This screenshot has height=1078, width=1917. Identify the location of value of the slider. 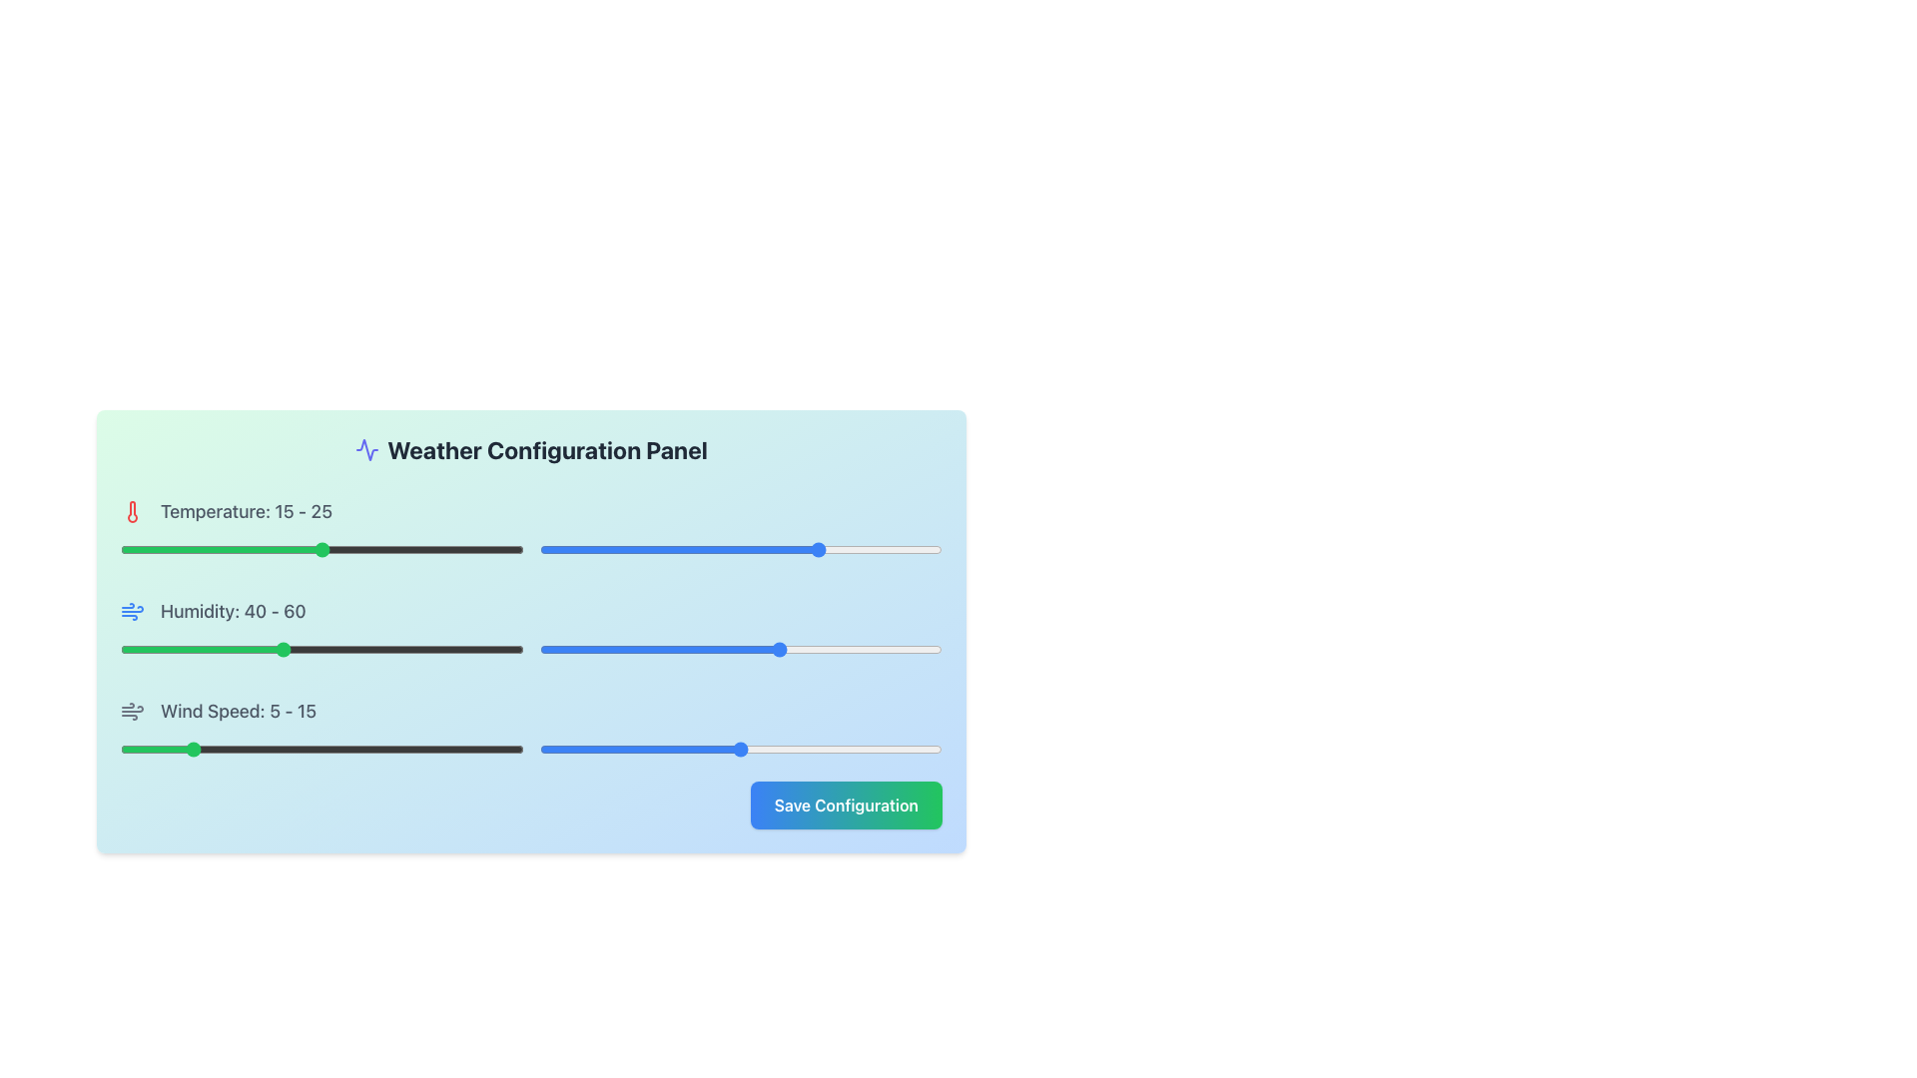
(562, 550).